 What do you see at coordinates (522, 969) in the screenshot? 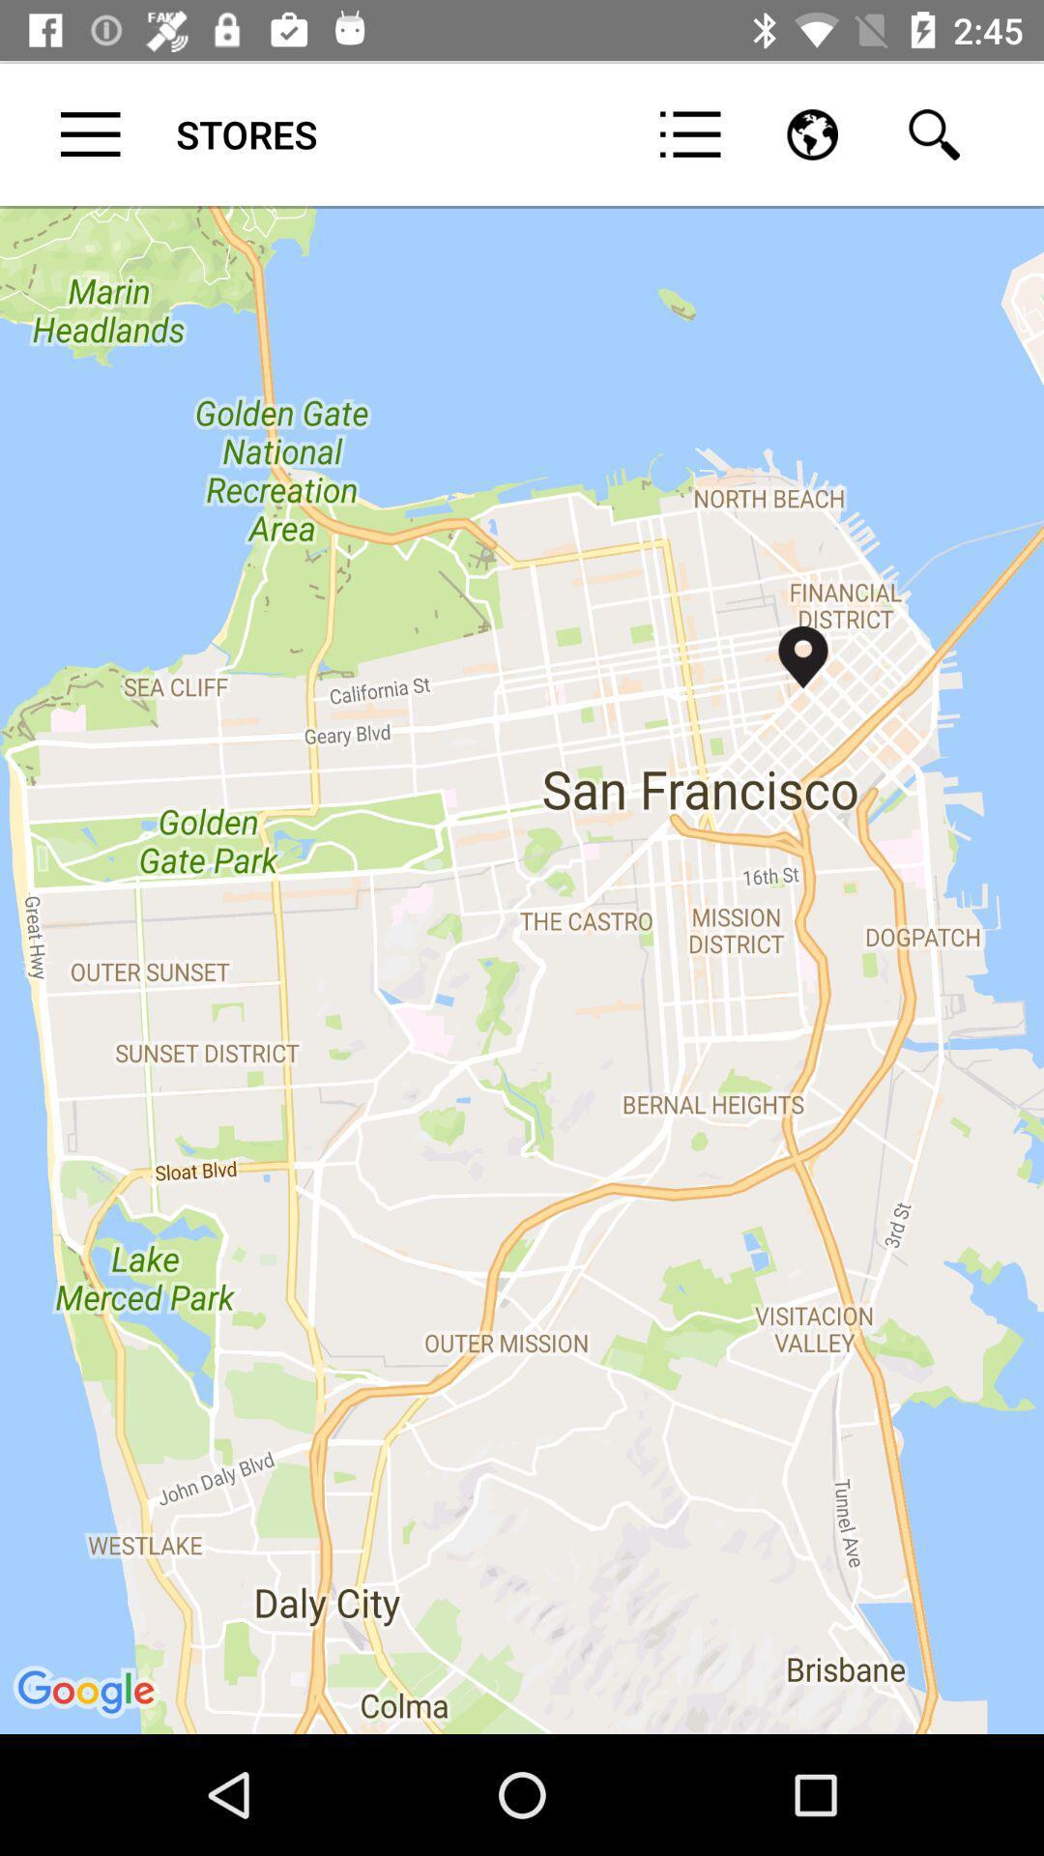
I see `item at the center` at bounding box center [522, 969].